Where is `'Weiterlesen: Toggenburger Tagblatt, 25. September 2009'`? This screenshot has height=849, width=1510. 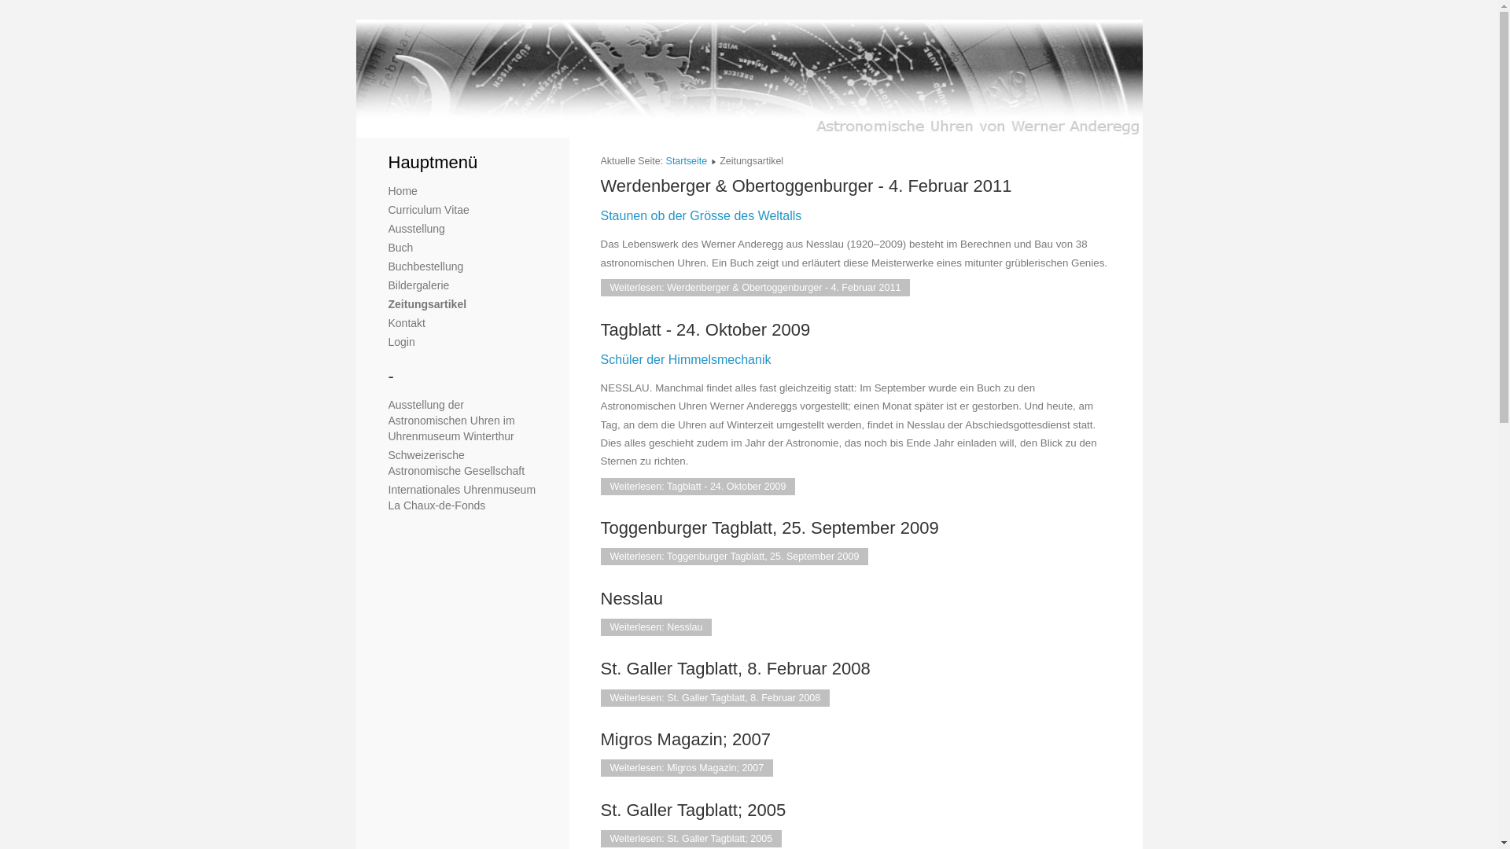
'Weiterlesen: Toggenburger Tagblatt, 25. September 2009' is located at coordinates (734, 556).